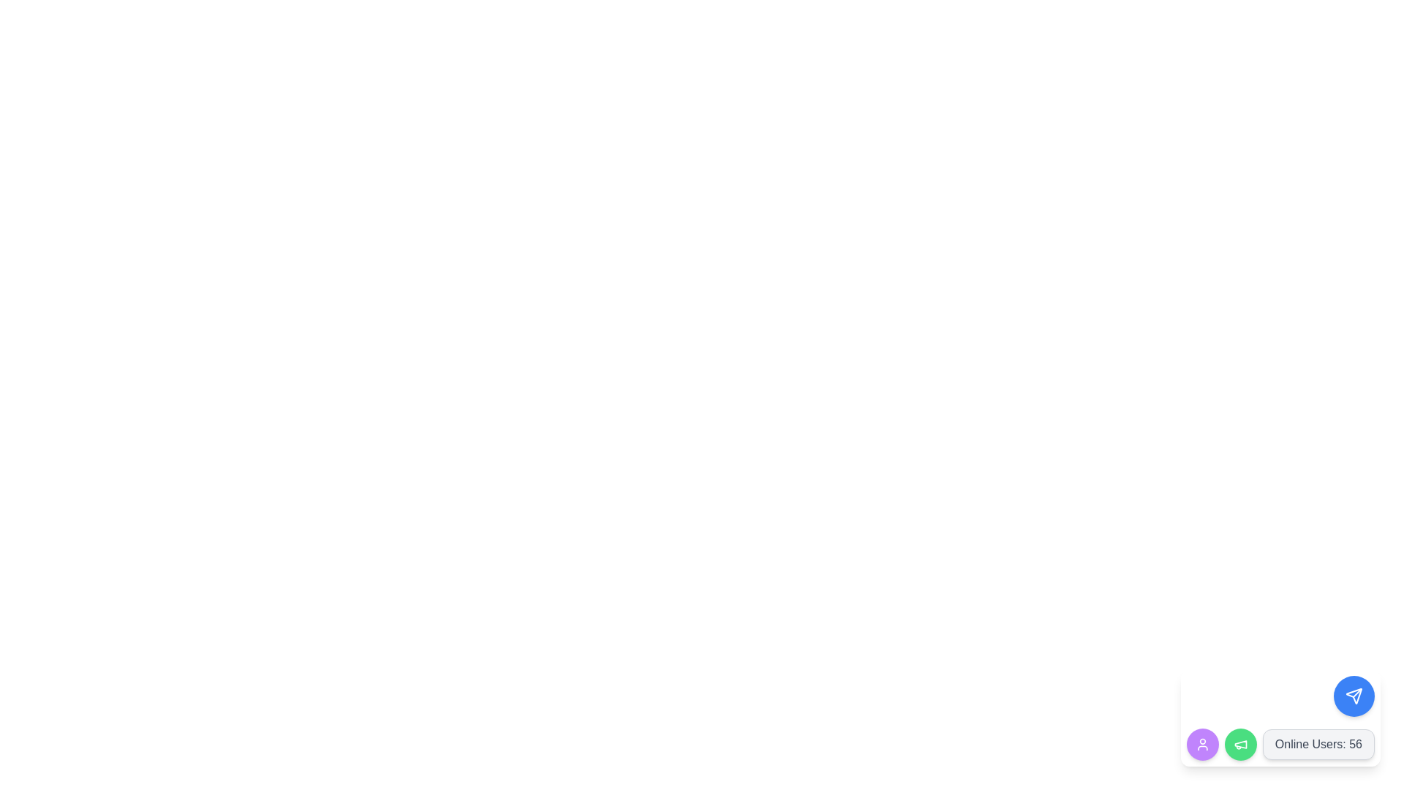 This screenshot has height=790, width=1404. Describe the element at coordinates (1280, 745) in the screenshot. I see `the rectangular text display area that shows 'Online Users: 56', located at the bottom-right corner of the interface, adjacent to two circular buttons` at that location.